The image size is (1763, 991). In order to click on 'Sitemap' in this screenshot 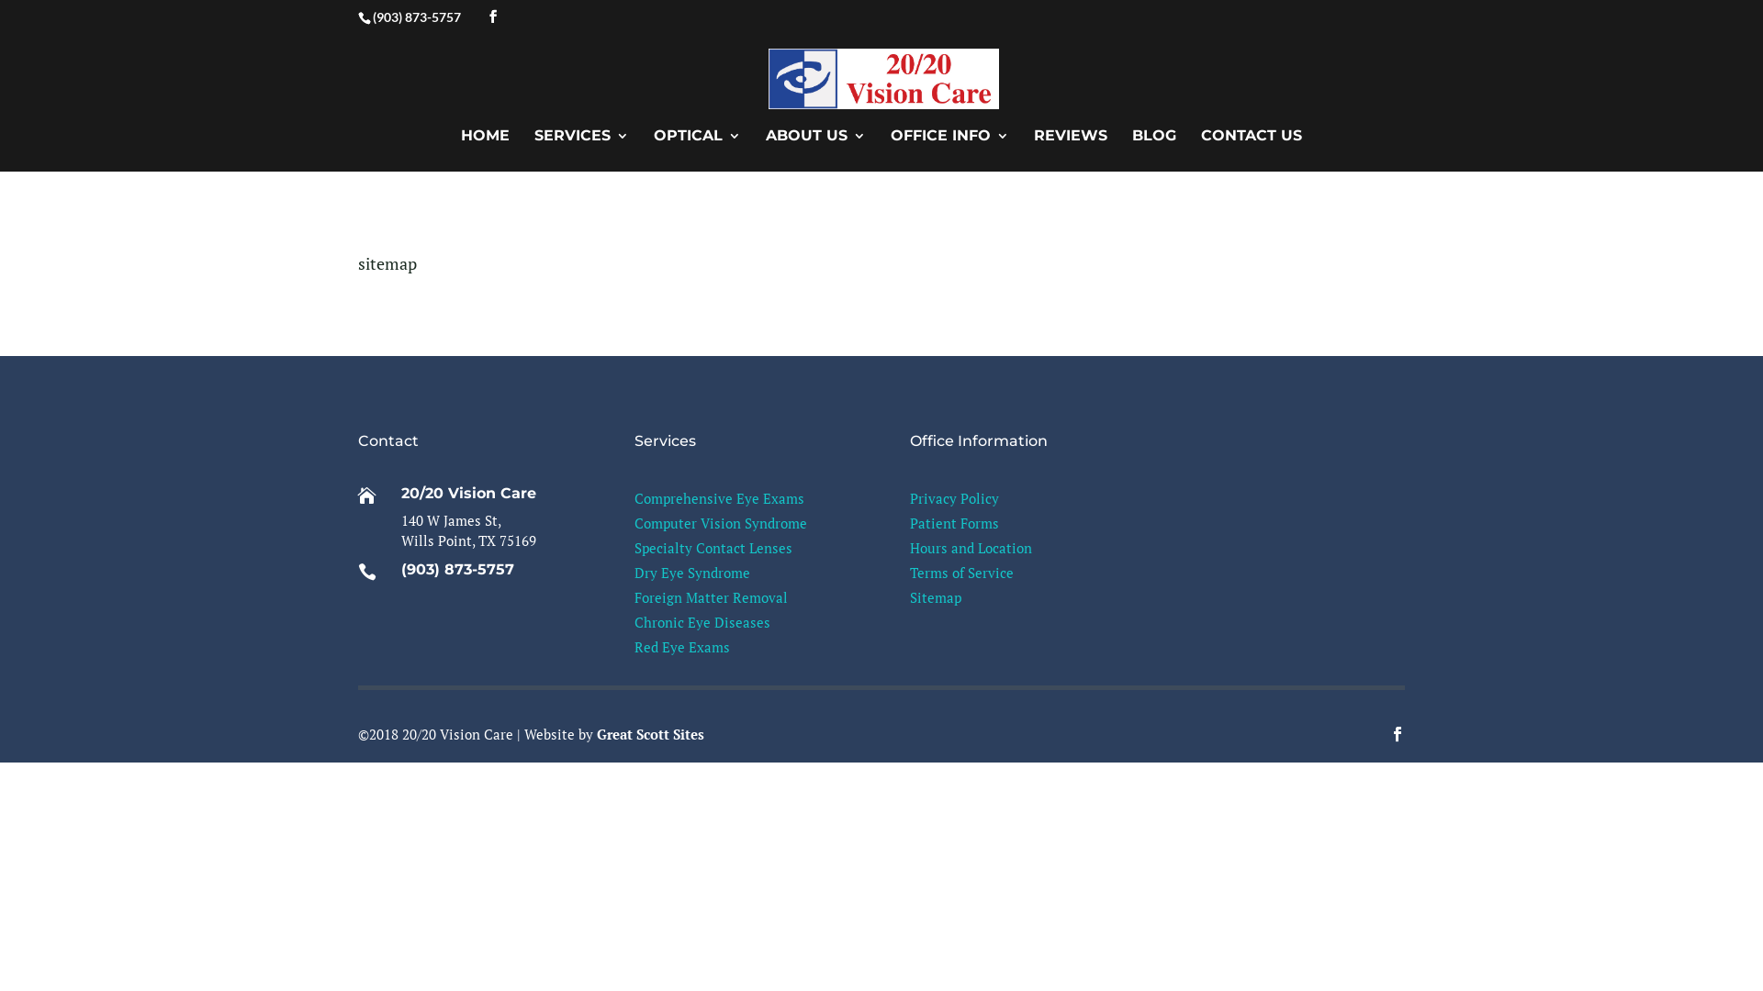, I will do `click(909, 597)`.